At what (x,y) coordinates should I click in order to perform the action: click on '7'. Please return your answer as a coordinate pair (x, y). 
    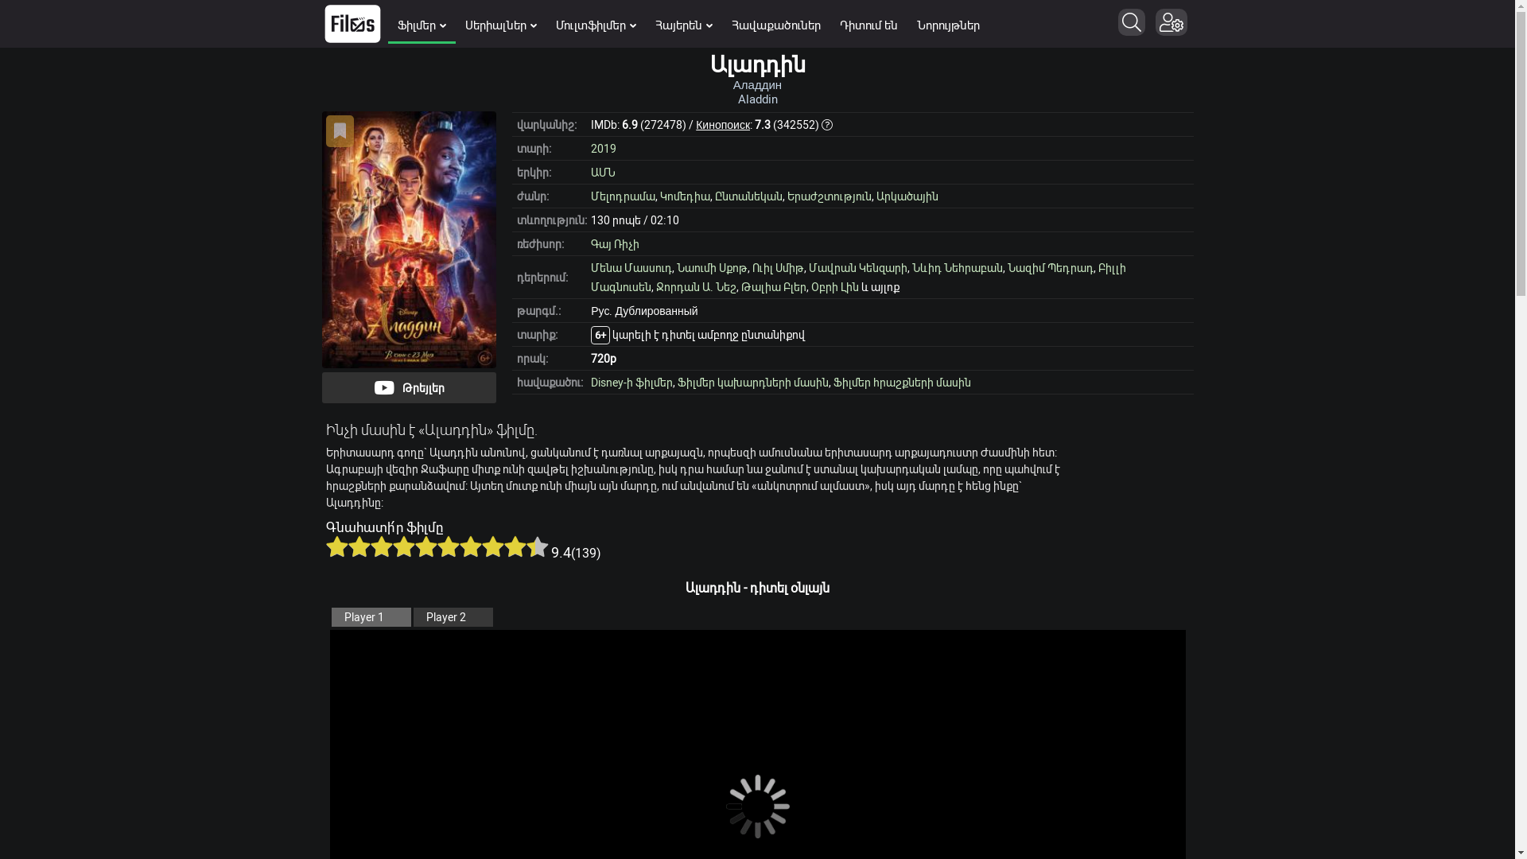
    Looking at the image, I should click on (469, 545).